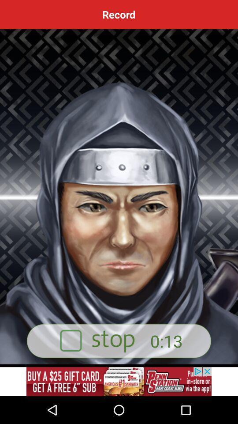 The width and height of the screenshot is (238, 424). I want to click on open advertisements, so click(119, 381).